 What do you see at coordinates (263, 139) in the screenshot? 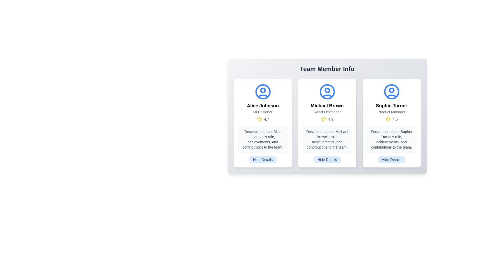
I see `descriptive text block about Alice Johnson's role and contributions, located within her profile card, situated below the rating information and above the 'Hide Details' button` at bounding box center [263, 139].